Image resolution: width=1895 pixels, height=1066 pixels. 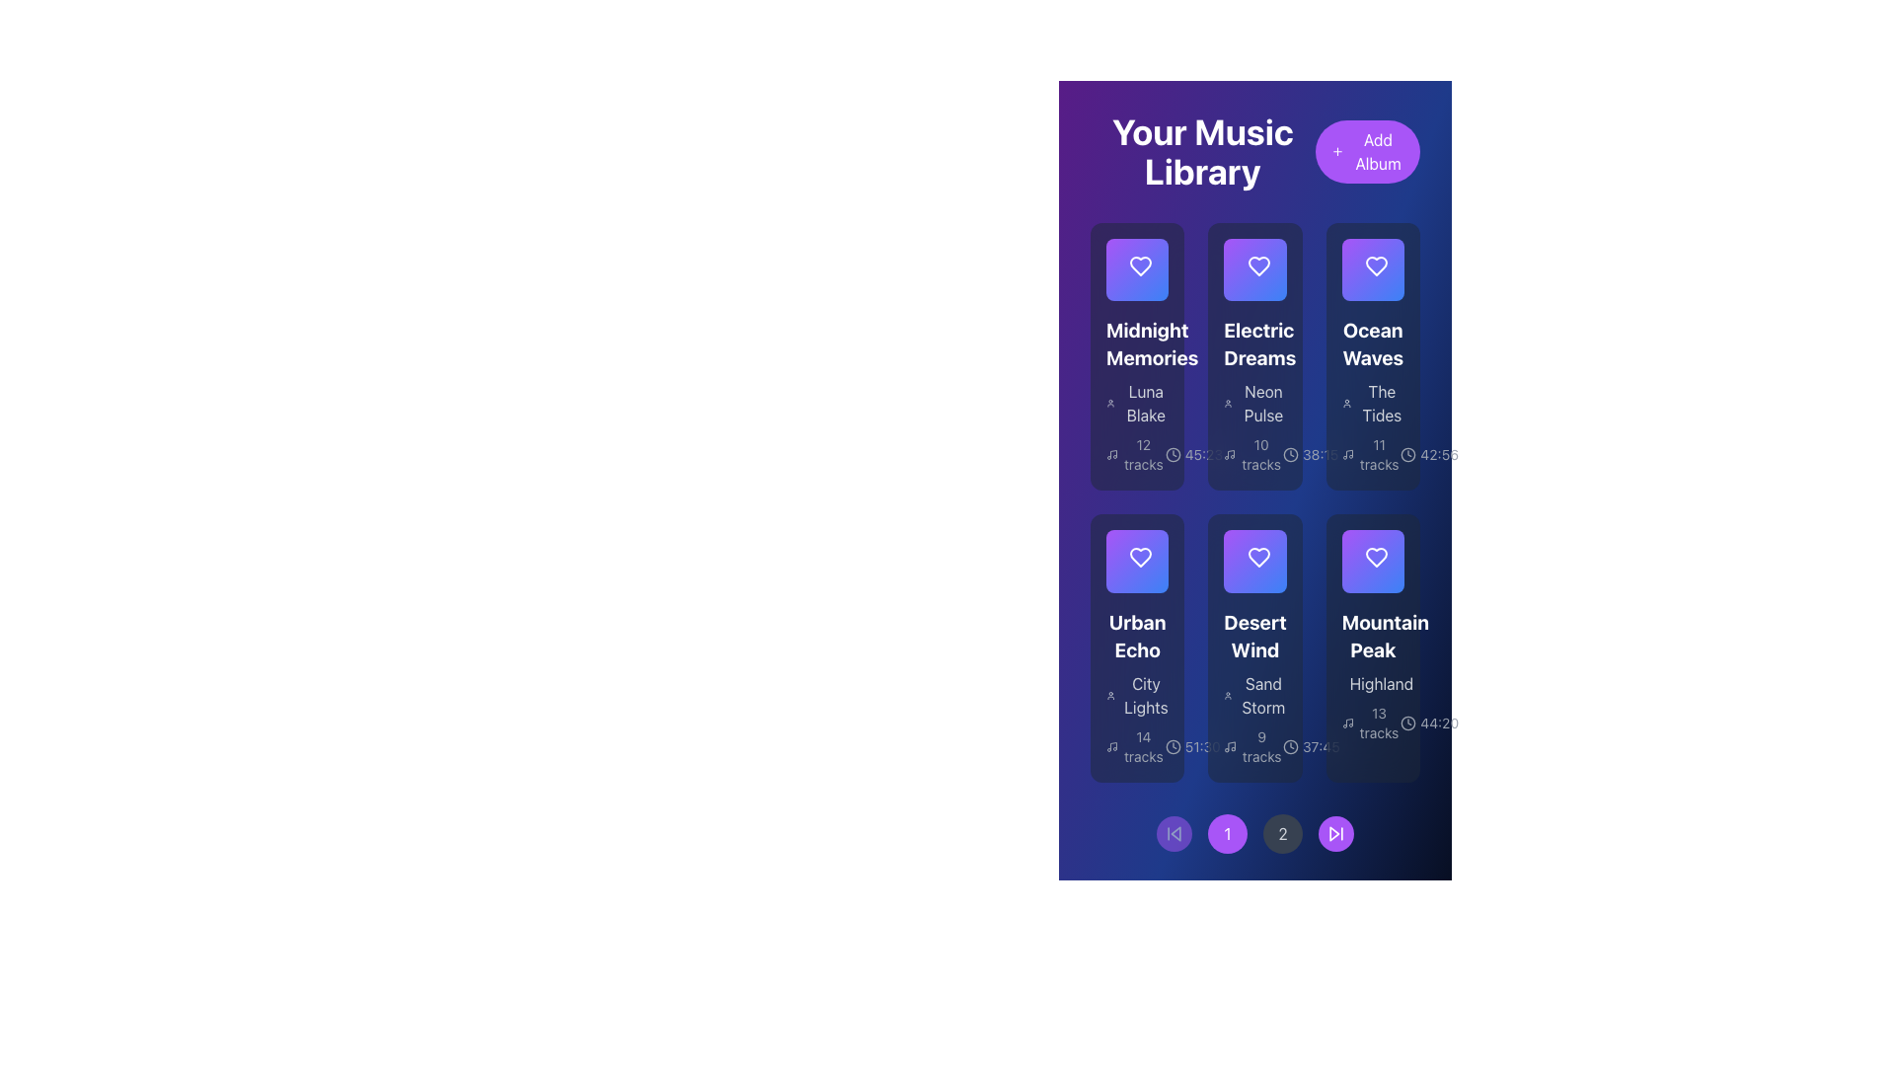 I want to click on the heart-shaped icon button within the 'Ocean Waves' album card, so click(x=1376, y=266).